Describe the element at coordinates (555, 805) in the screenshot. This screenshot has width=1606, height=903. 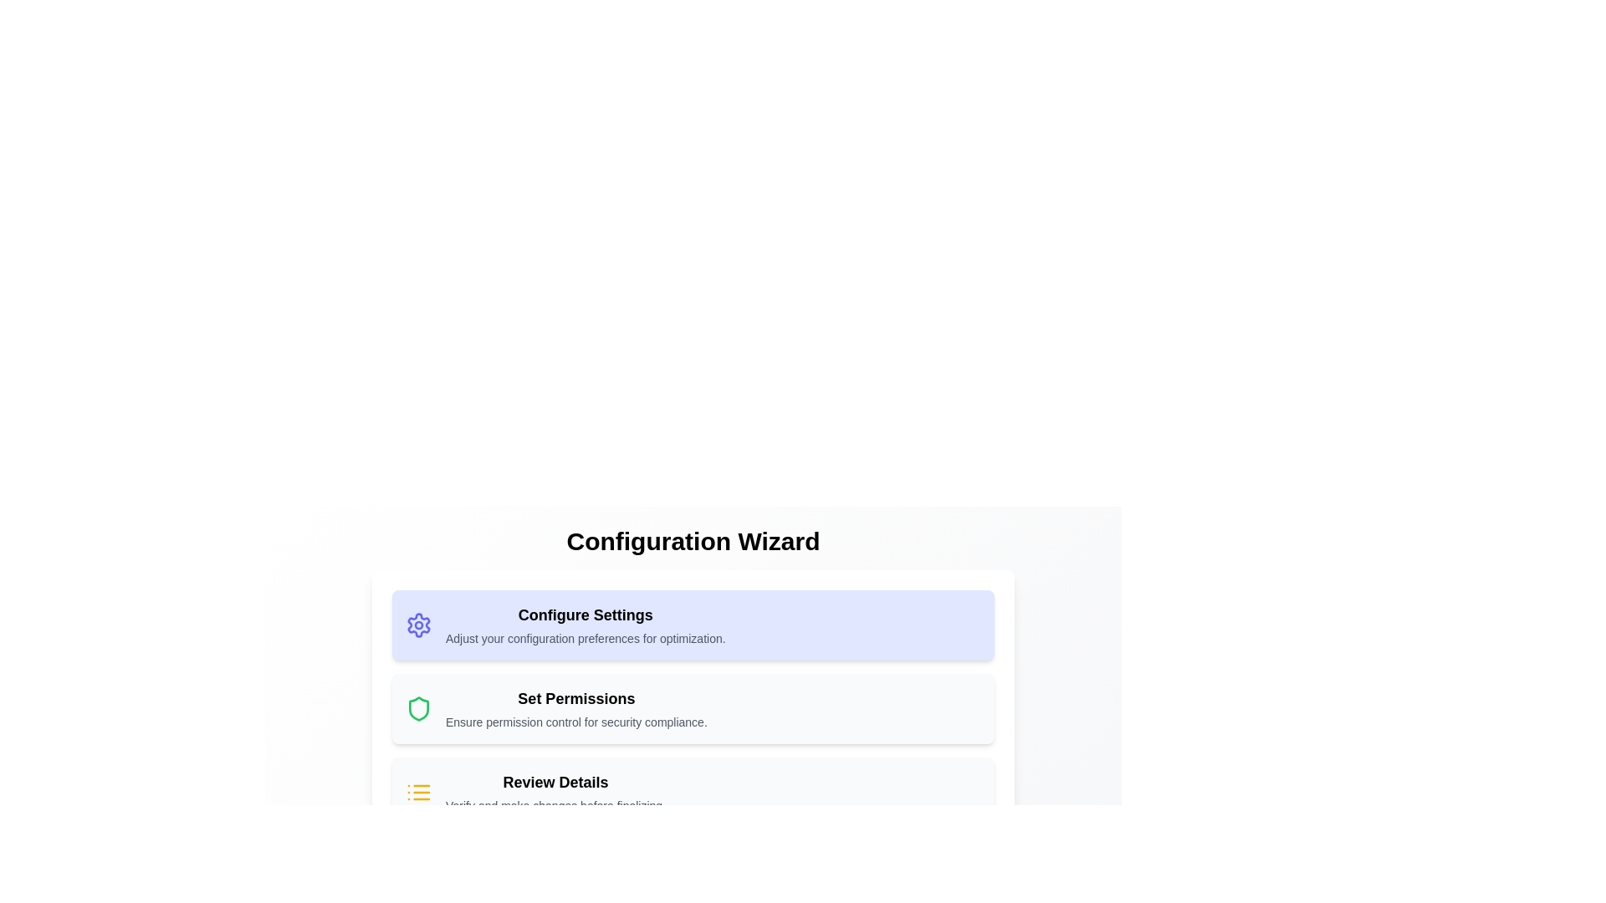
I see `text label located below the 'Review Details' heading, which provides additional context or guidance for users` at that location.